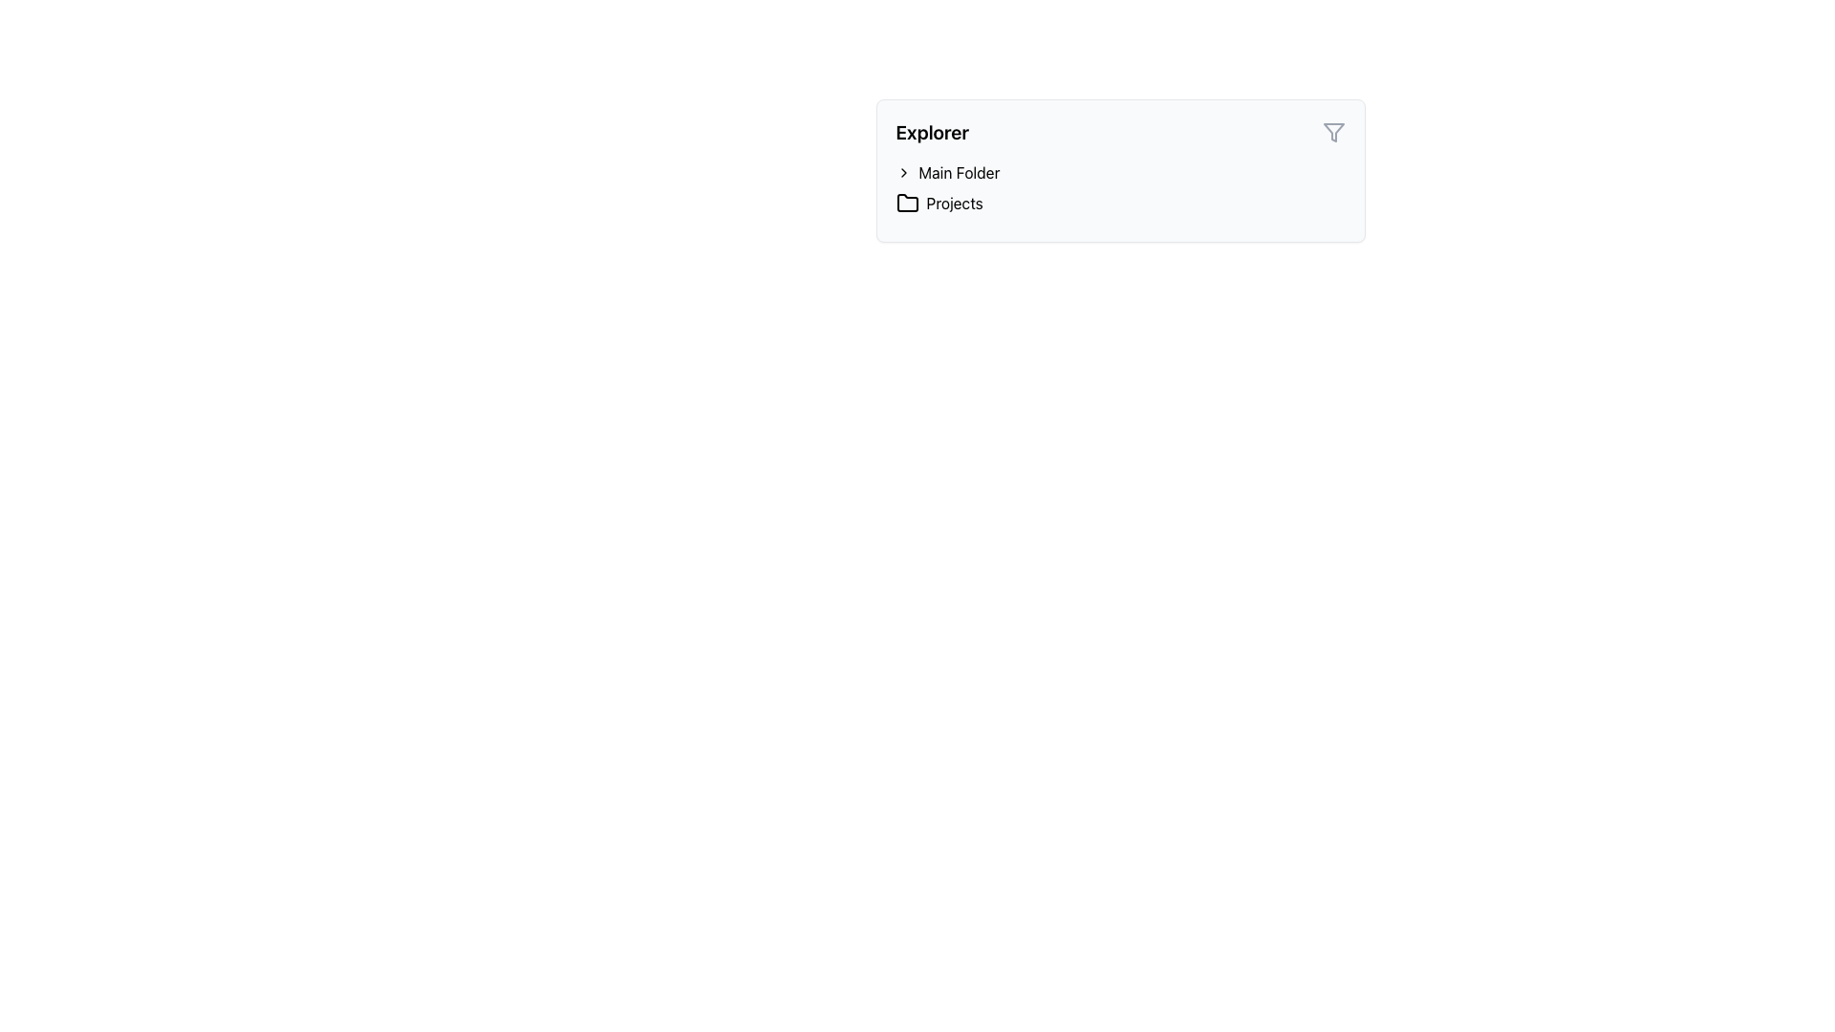  Describe the element at coordinates (954, 203) in the screenshot. I see `the 'Projects' text label located in the top-right section of the explorer panel` at that location.